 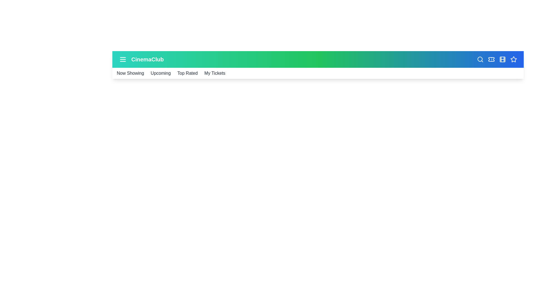 I want to click on the navigation link for My Tickets, so click(x=214, y=73).